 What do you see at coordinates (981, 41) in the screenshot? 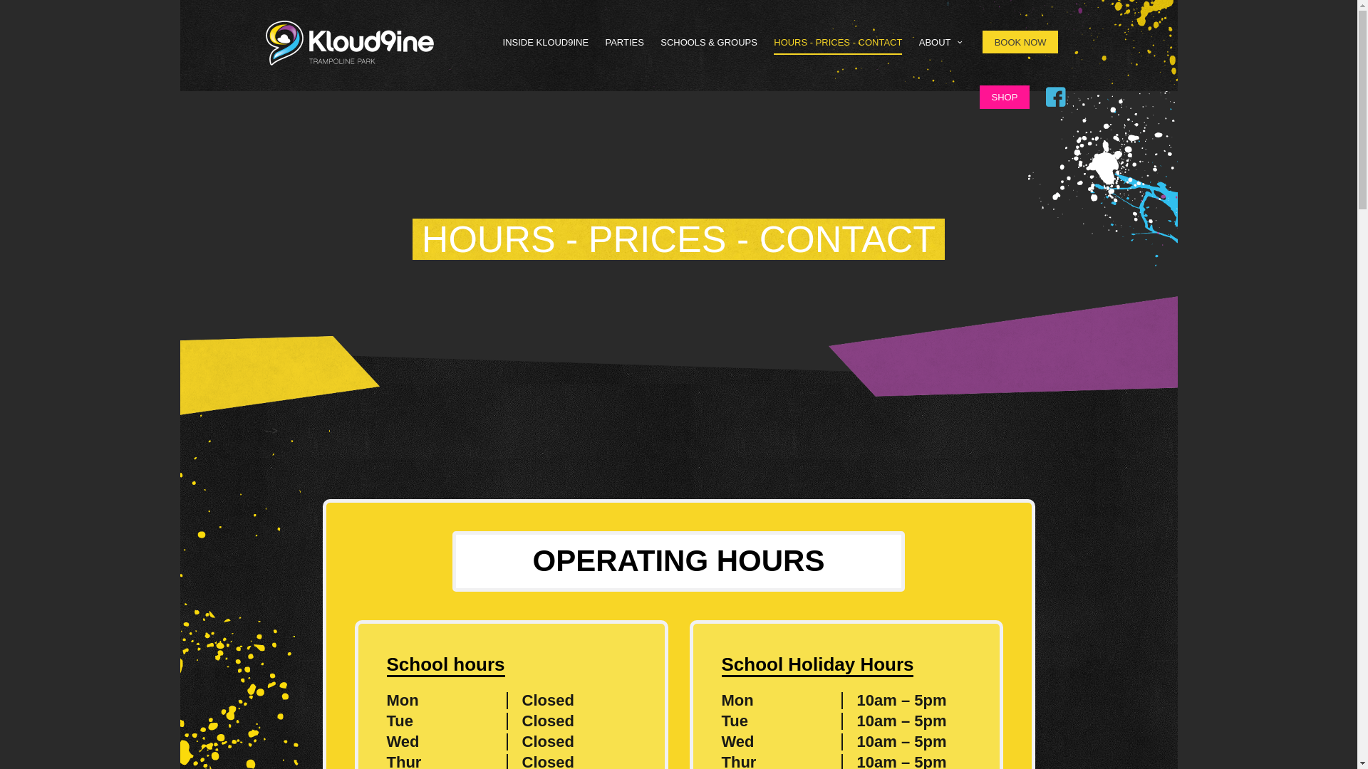
I see `'BOOK NOW'` at bounding box center [981, 41].